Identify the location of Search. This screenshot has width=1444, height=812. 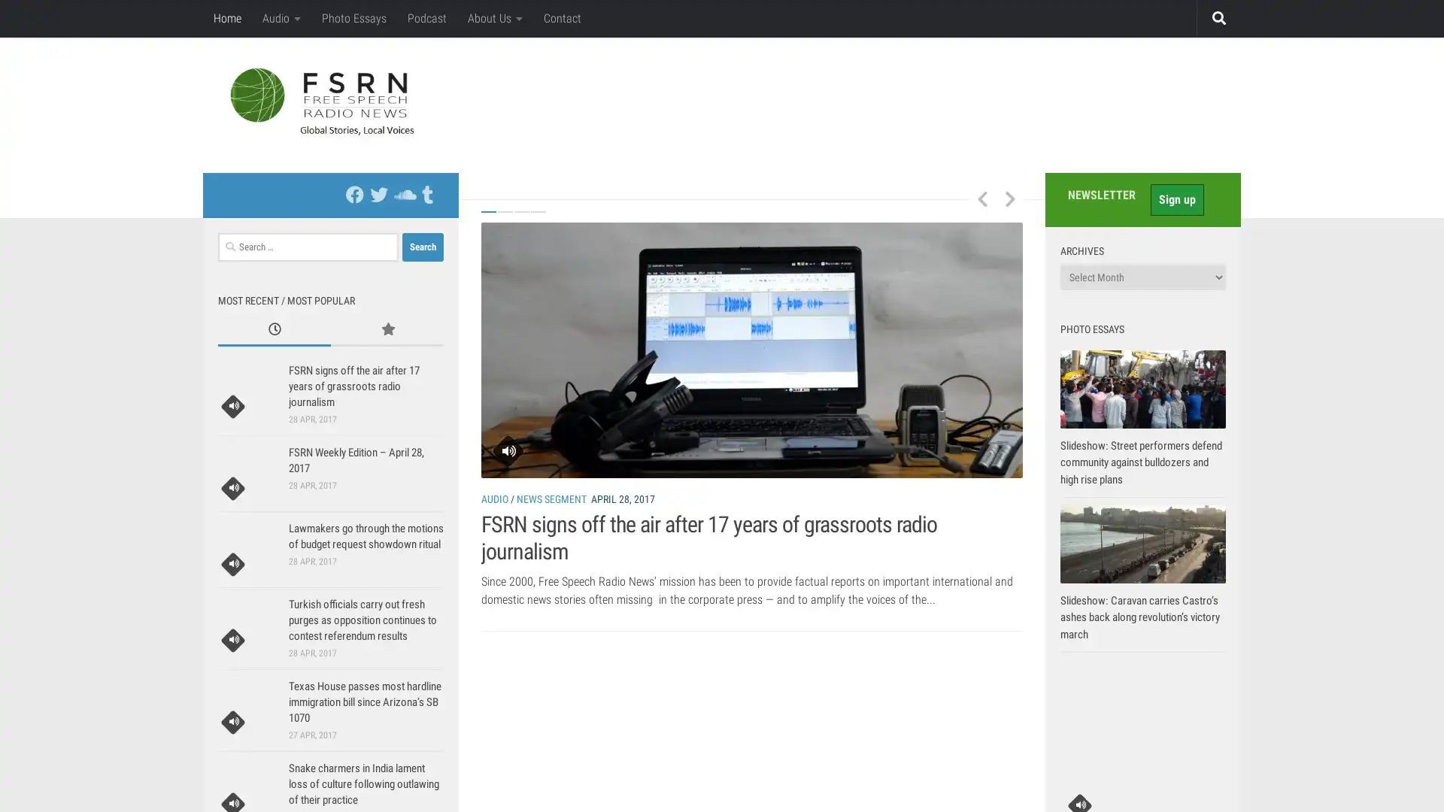
(422, 245).